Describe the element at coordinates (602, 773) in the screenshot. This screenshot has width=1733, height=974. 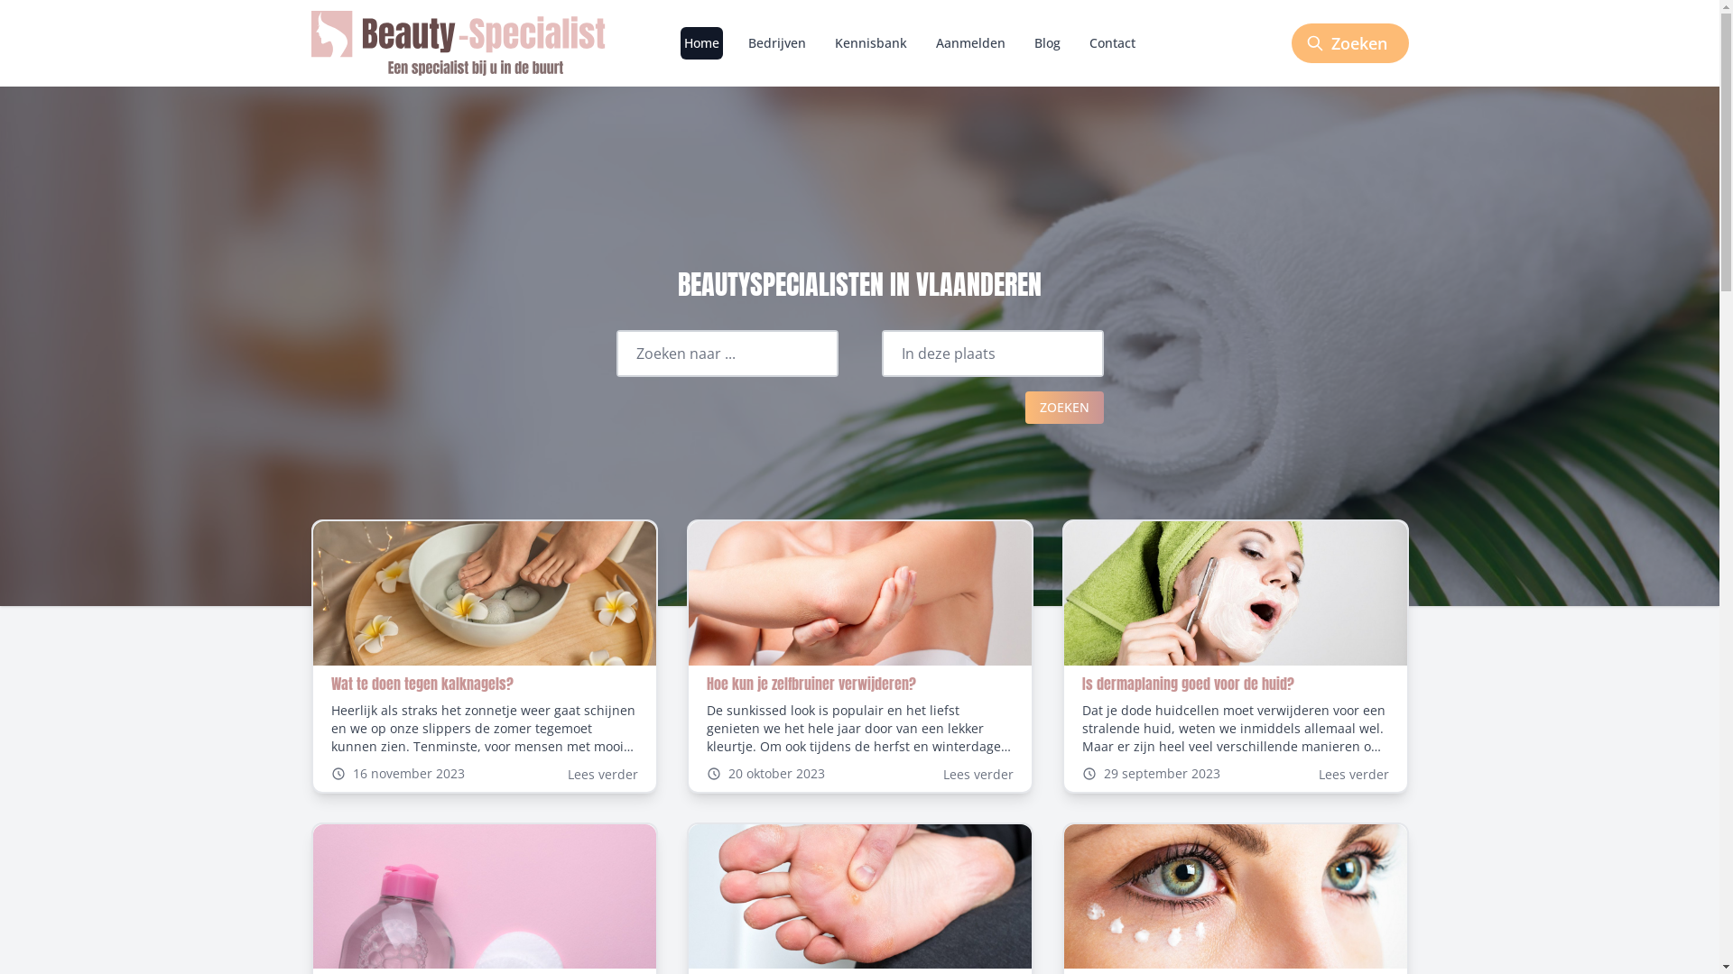
I see `'Lees verder'` at that location.